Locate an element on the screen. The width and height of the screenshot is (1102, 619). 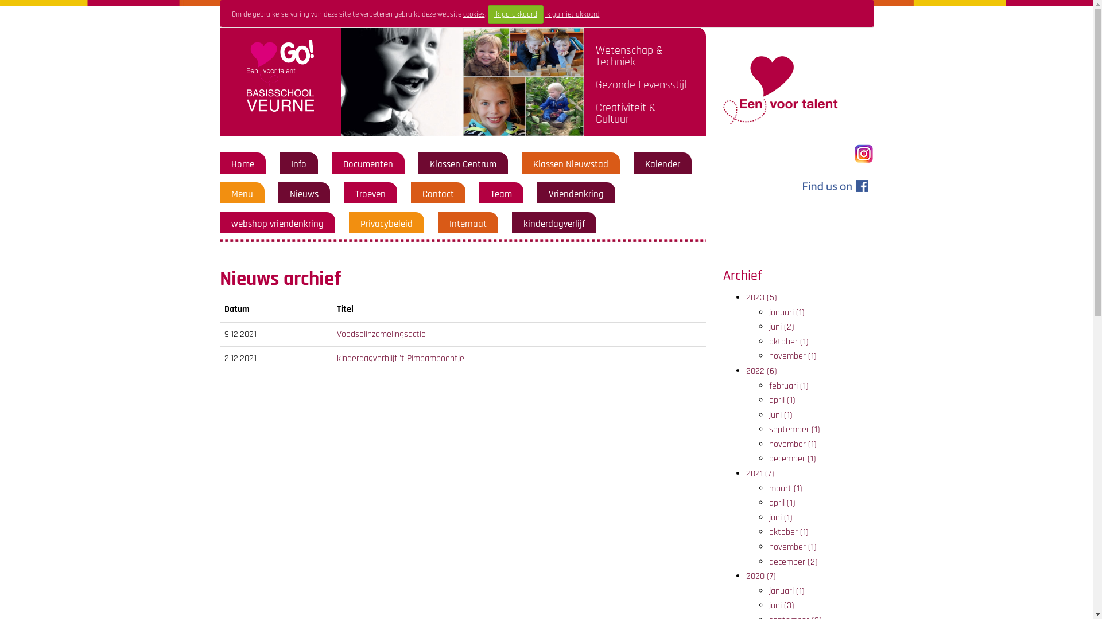
'juni (1)' is located at coordinates (769, 518).